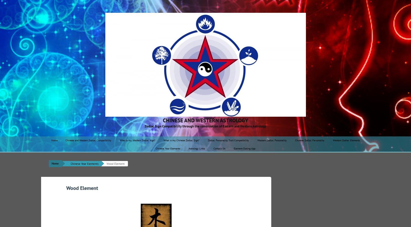 Image resolution: width=411 pixels, height=227 pixels. I want to click on 'What is my Western Zodiac sign?', so click(137, 140).